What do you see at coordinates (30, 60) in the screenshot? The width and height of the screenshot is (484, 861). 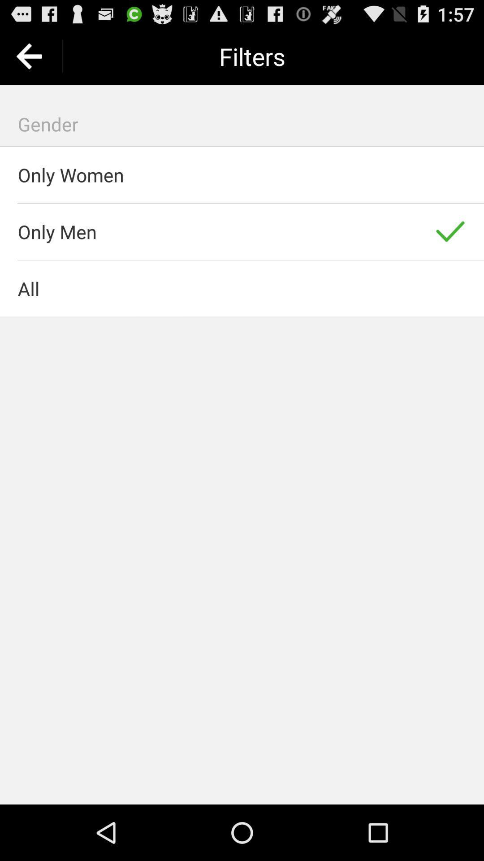 I see `the arrow_backward icon` at bounding box center [30, 60].